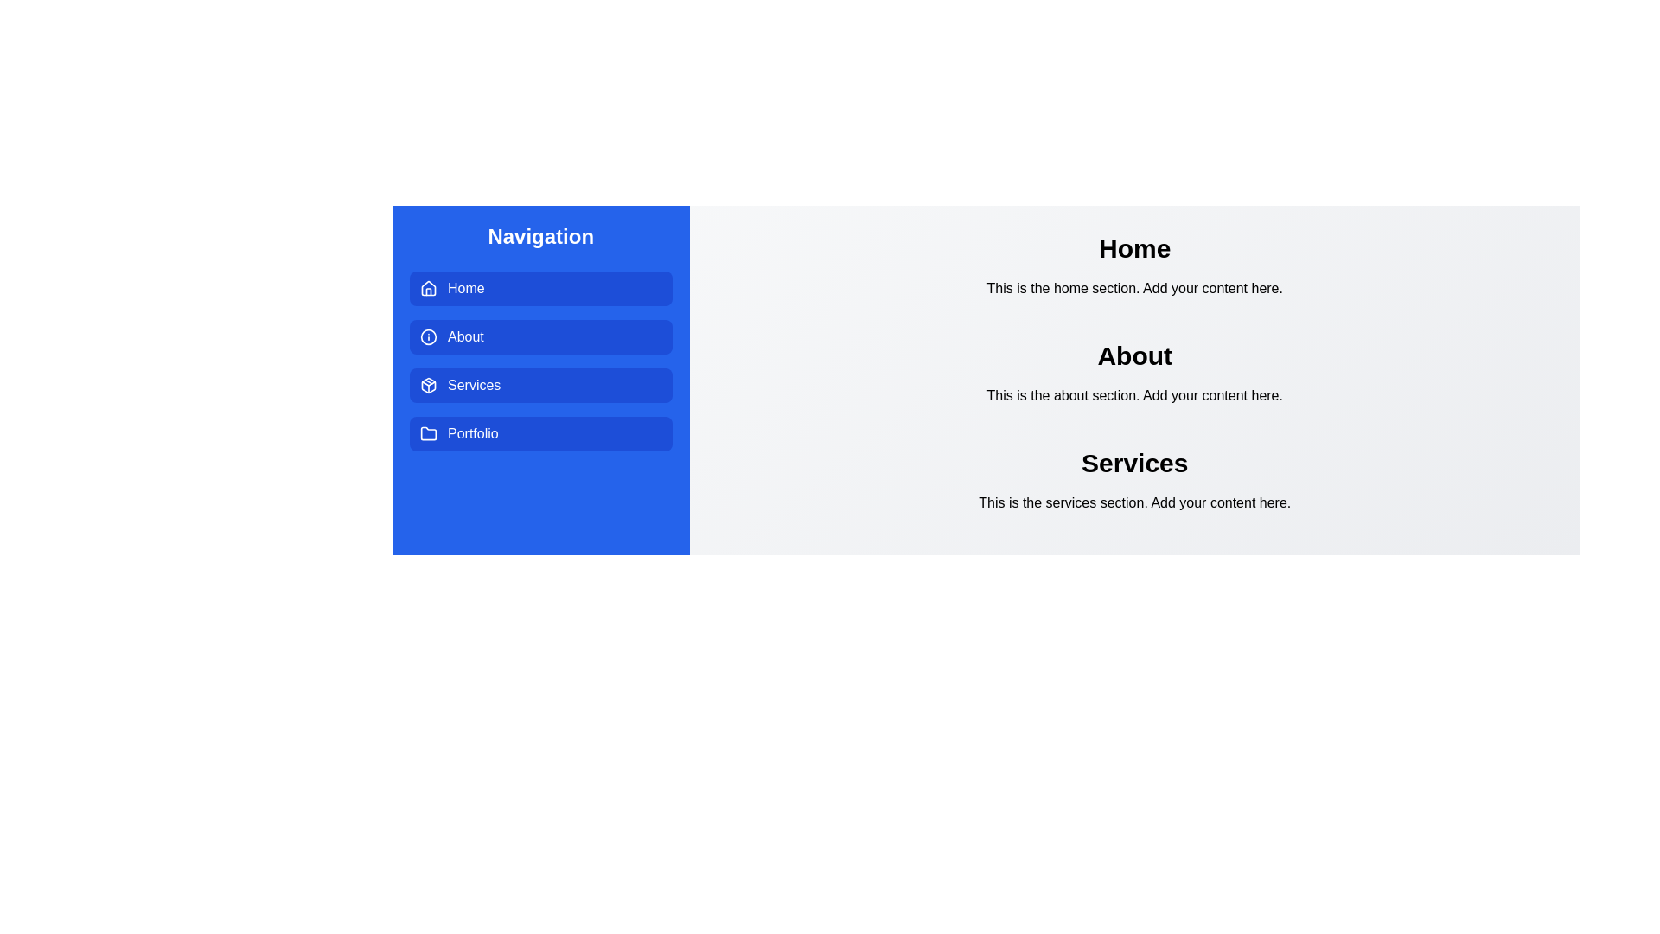 The height and width of the screenshot is (934, 1660). Describe the element at coordinates (428, 432) in the screenshot. I see `the folder-shaped blue icon that precedes the 'Portfolio' menu item in the navigation menu` at that location.